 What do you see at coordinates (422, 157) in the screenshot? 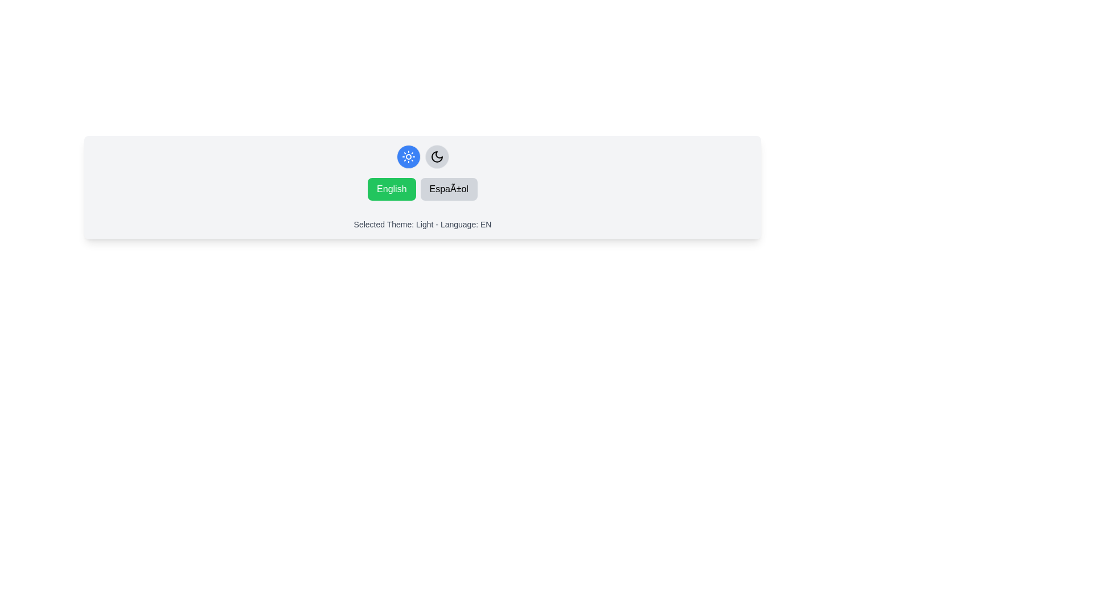
I see `the sun icon on the toggle switch for theme selection` at bounding box center [422, 157].